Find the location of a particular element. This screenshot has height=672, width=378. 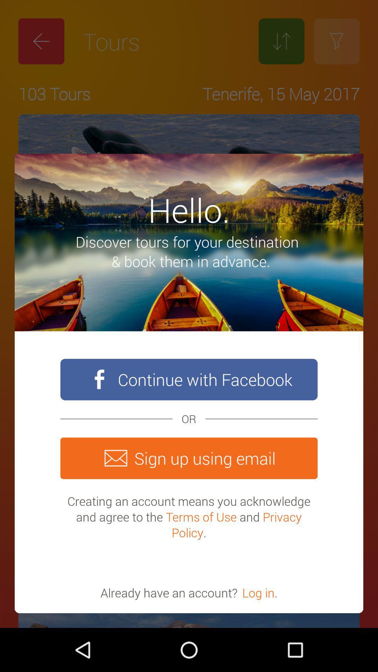

item below creating an account item is located at coordinates (258, 592).